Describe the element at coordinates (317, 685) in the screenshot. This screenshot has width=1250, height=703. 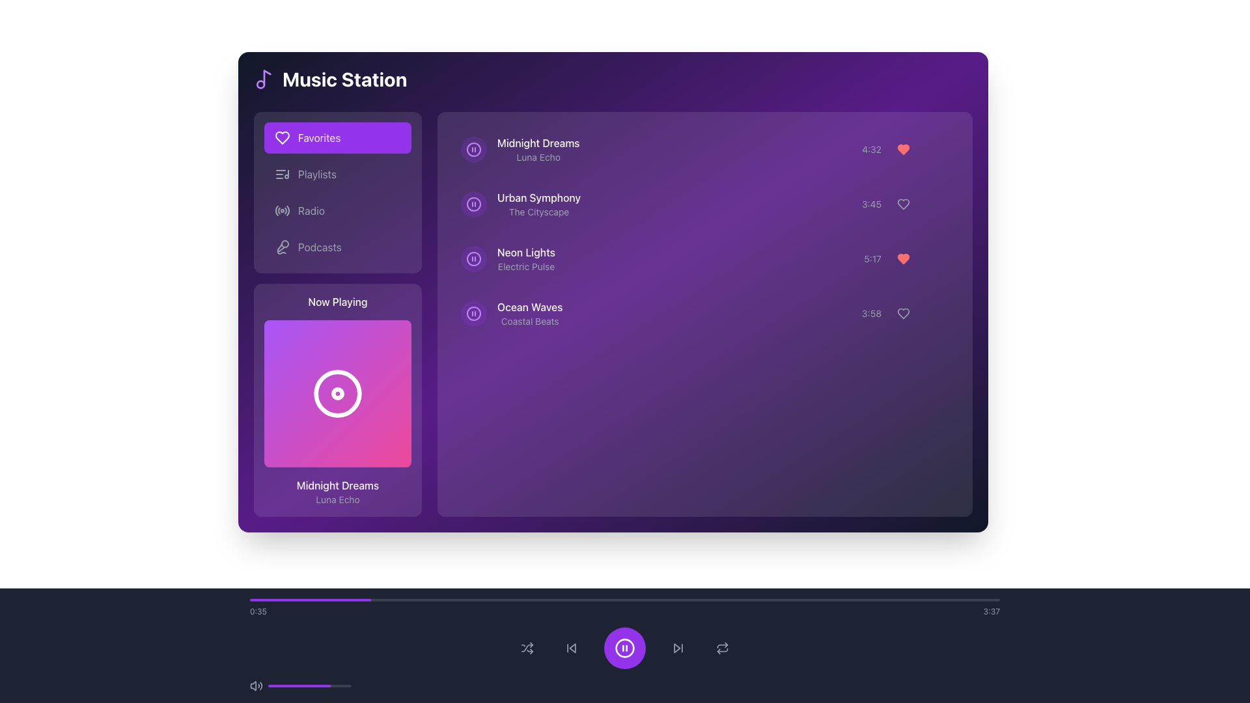
I see `the progress` at that location.